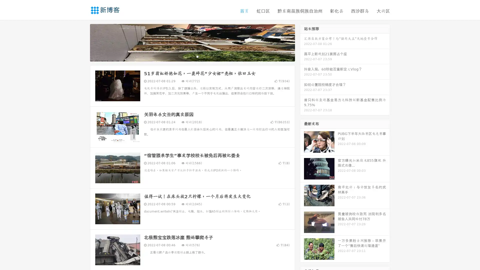 The image size is (480, 270). Describe the element at coordinates (192, 56) in the screenshot. I see `Go to slide 2` at that location.